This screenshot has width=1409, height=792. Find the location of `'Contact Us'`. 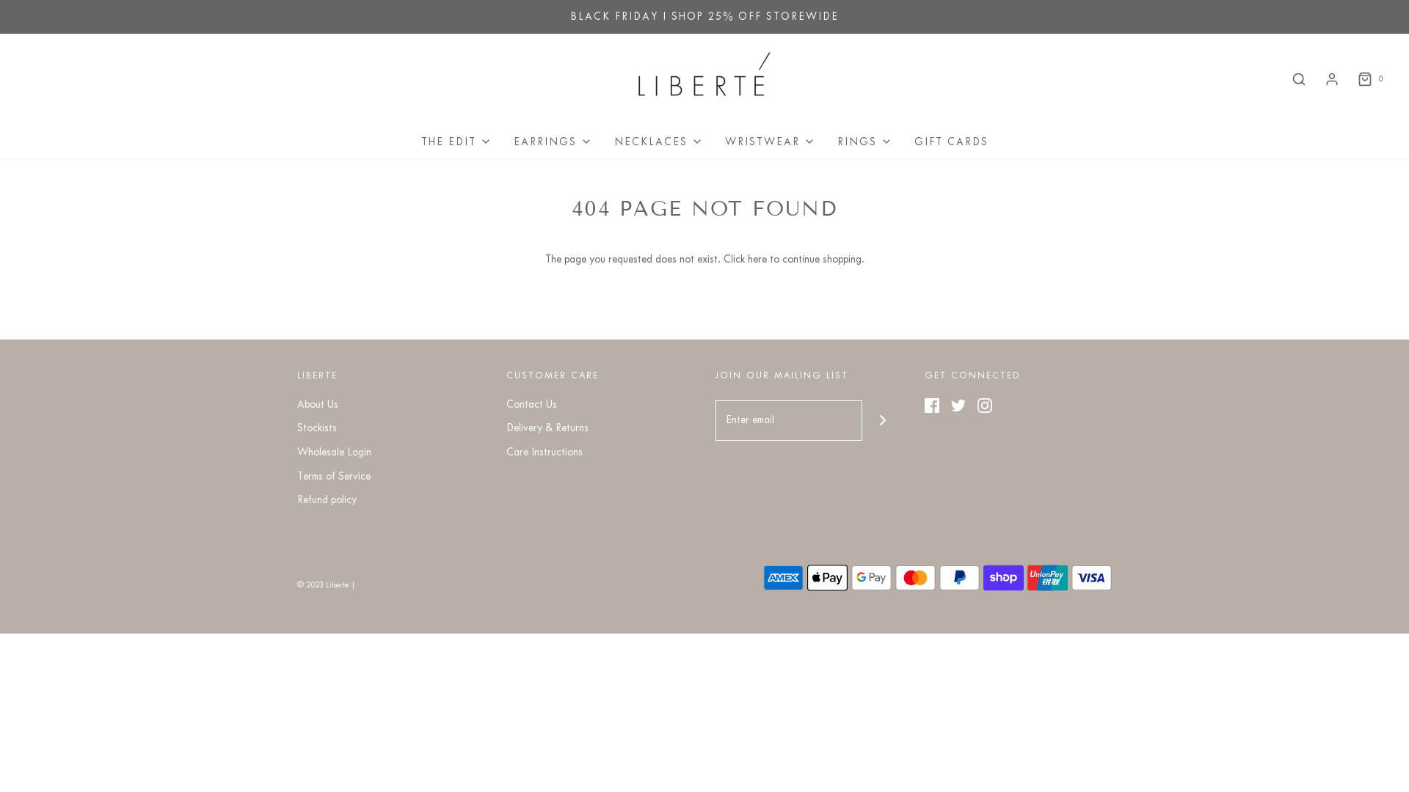

'Contact Us' is located at coordinates (531, 407).